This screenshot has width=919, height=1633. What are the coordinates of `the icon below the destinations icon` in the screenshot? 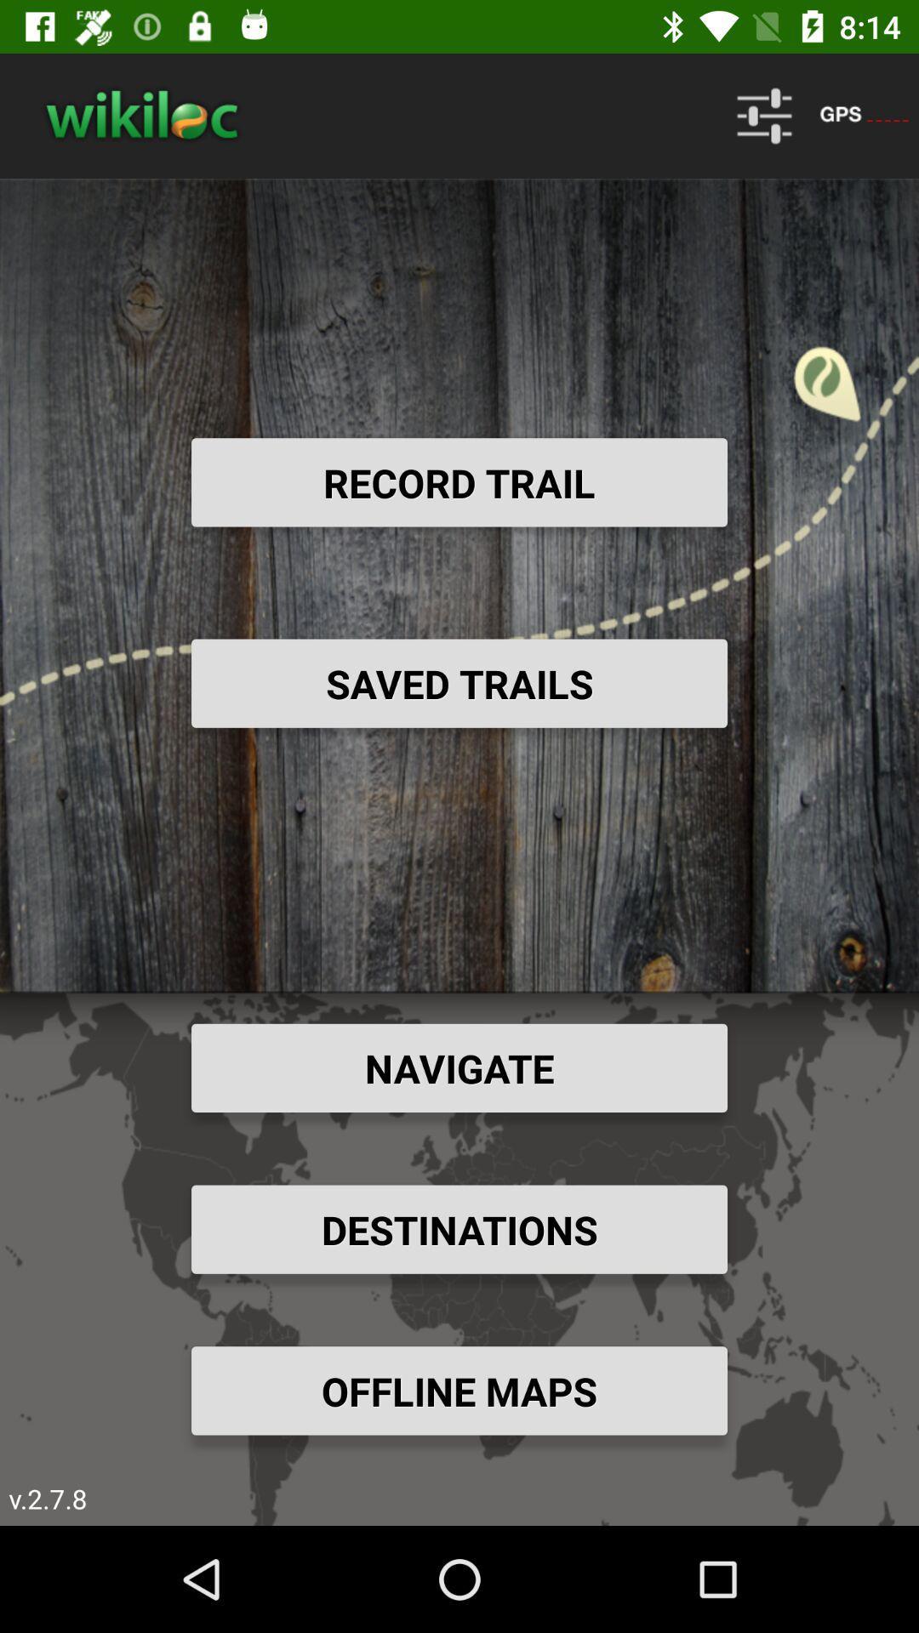 It's located at (459, 1391).